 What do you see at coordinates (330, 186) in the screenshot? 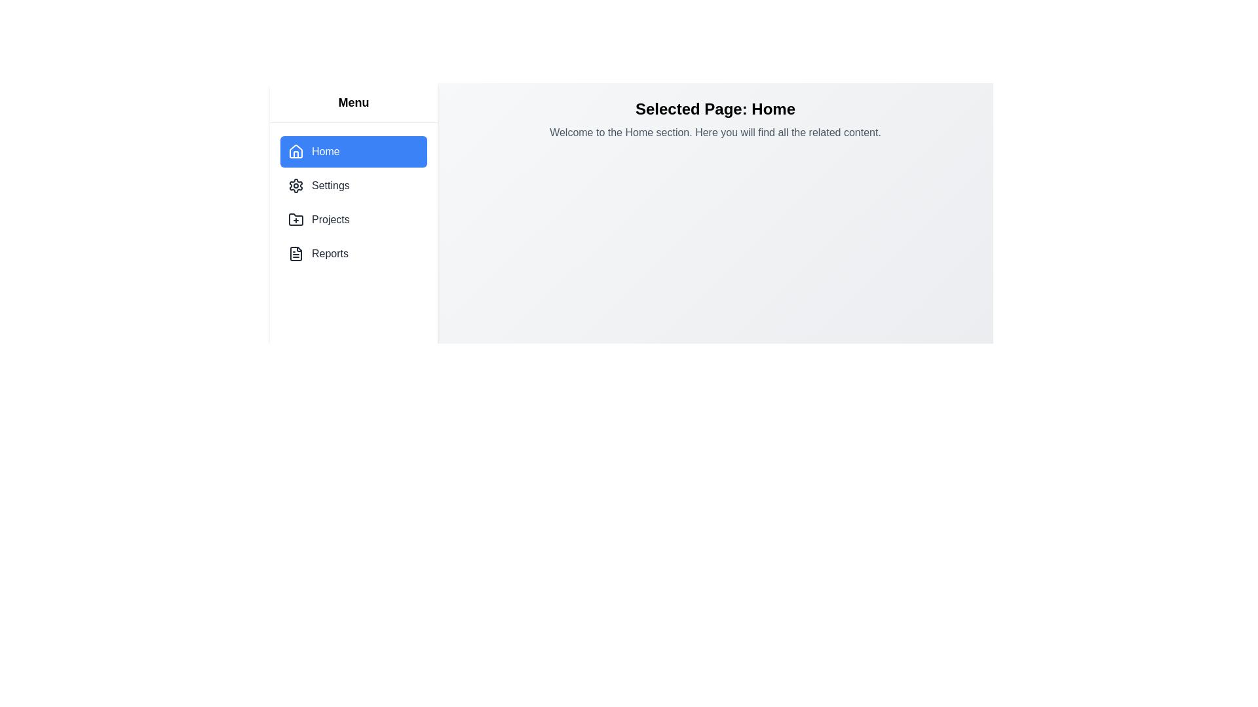
I see `the 'Settings' text label located in the left sidebar navigation menu, which indicates the option to navigate to the settings section of the application` at bounding box center [330, 186].